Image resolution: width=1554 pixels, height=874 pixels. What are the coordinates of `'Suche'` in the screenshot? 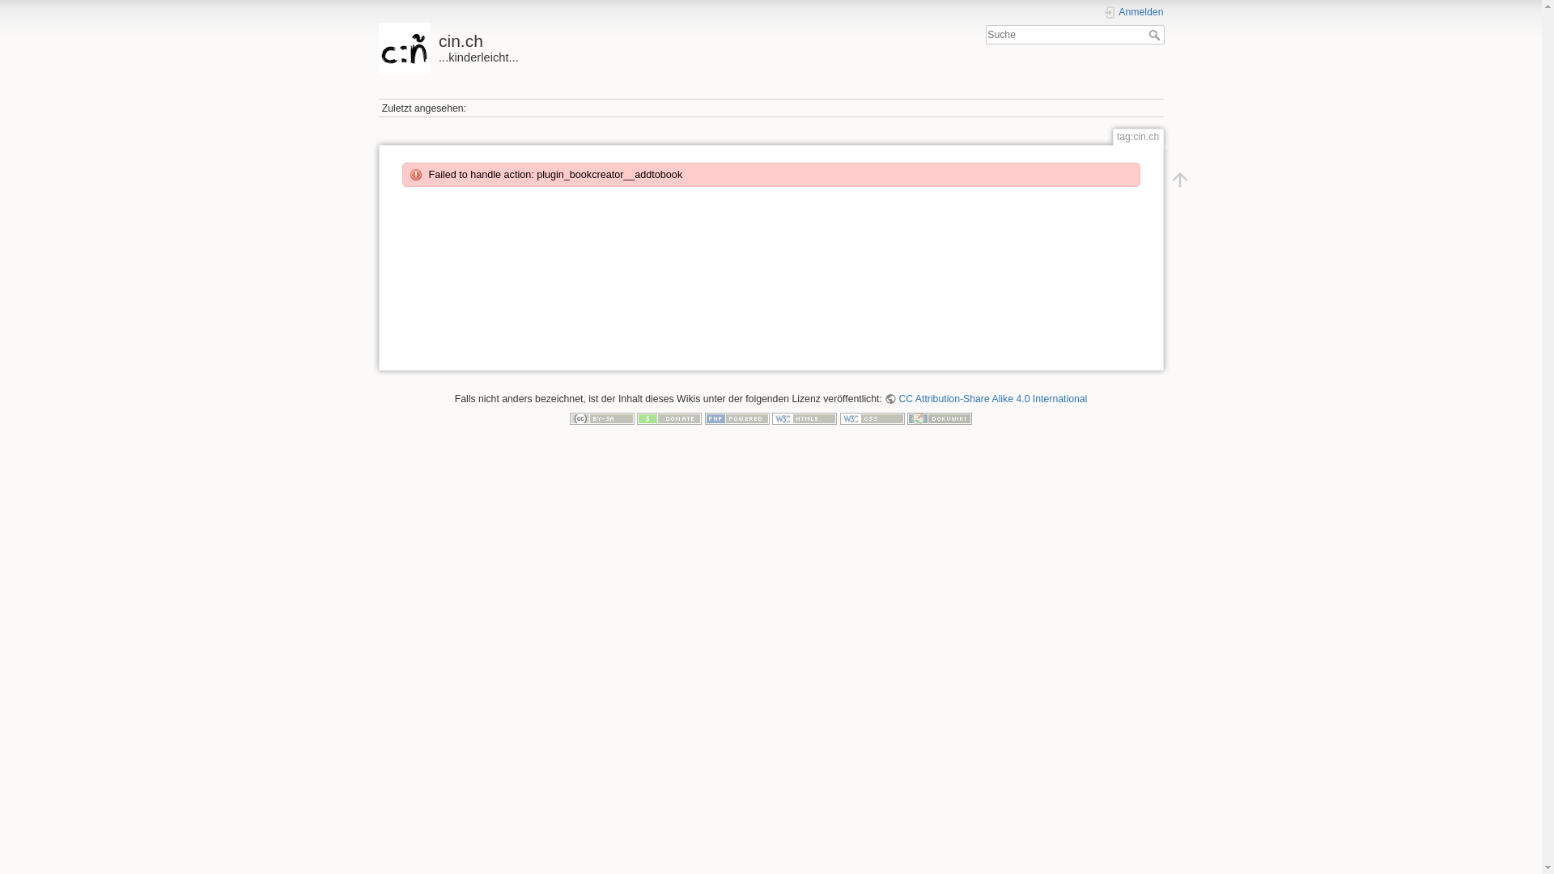 It's located at (1154, 34).